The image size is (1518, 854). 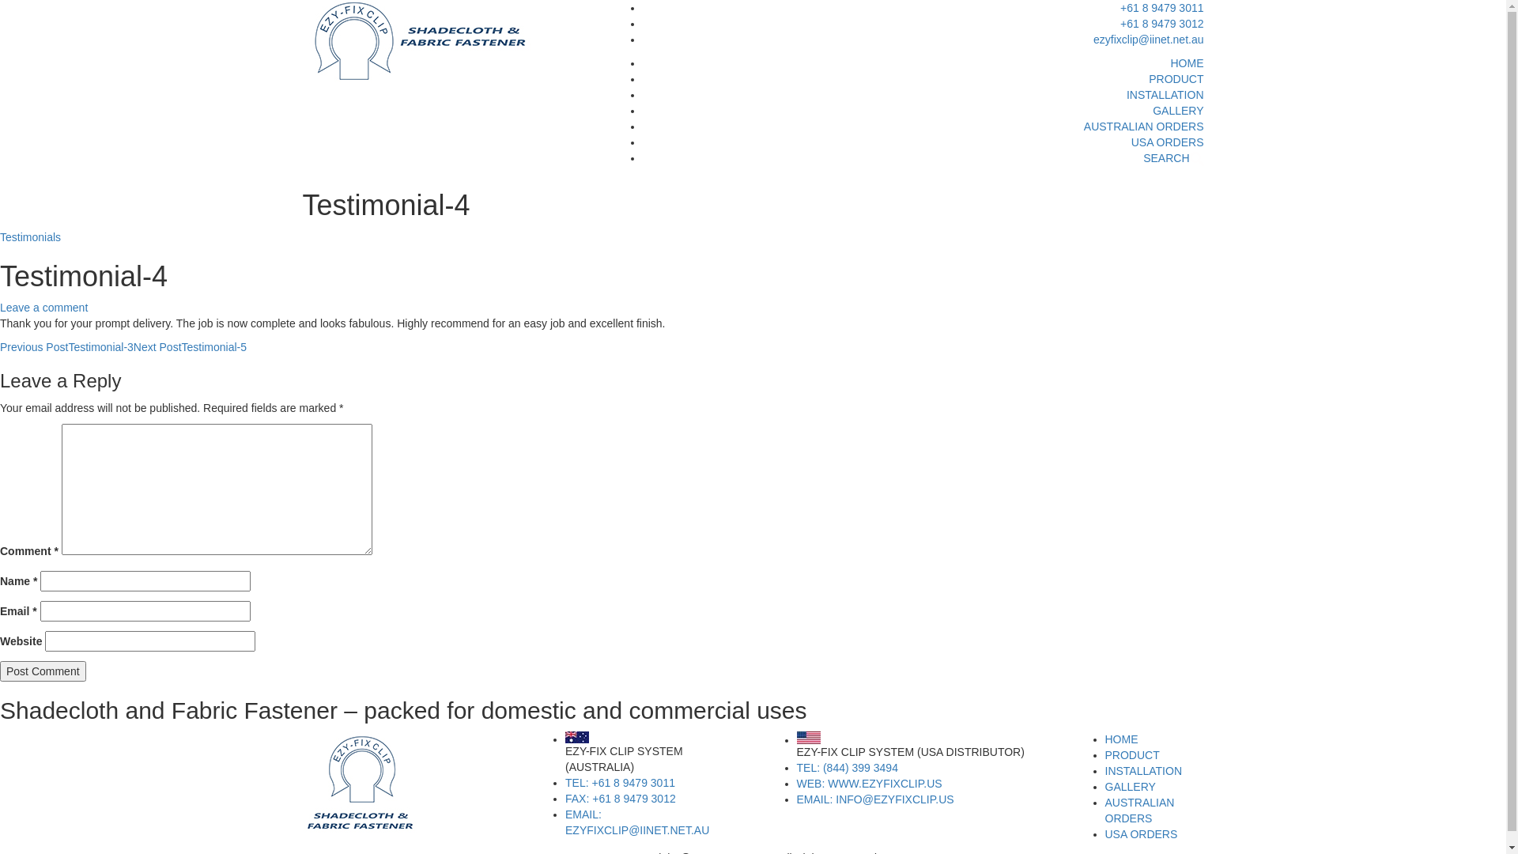 What do you see at coordinates (43, 671) in the screenshot?
I see `'Post Comment'` at bounding box center [43, 671].